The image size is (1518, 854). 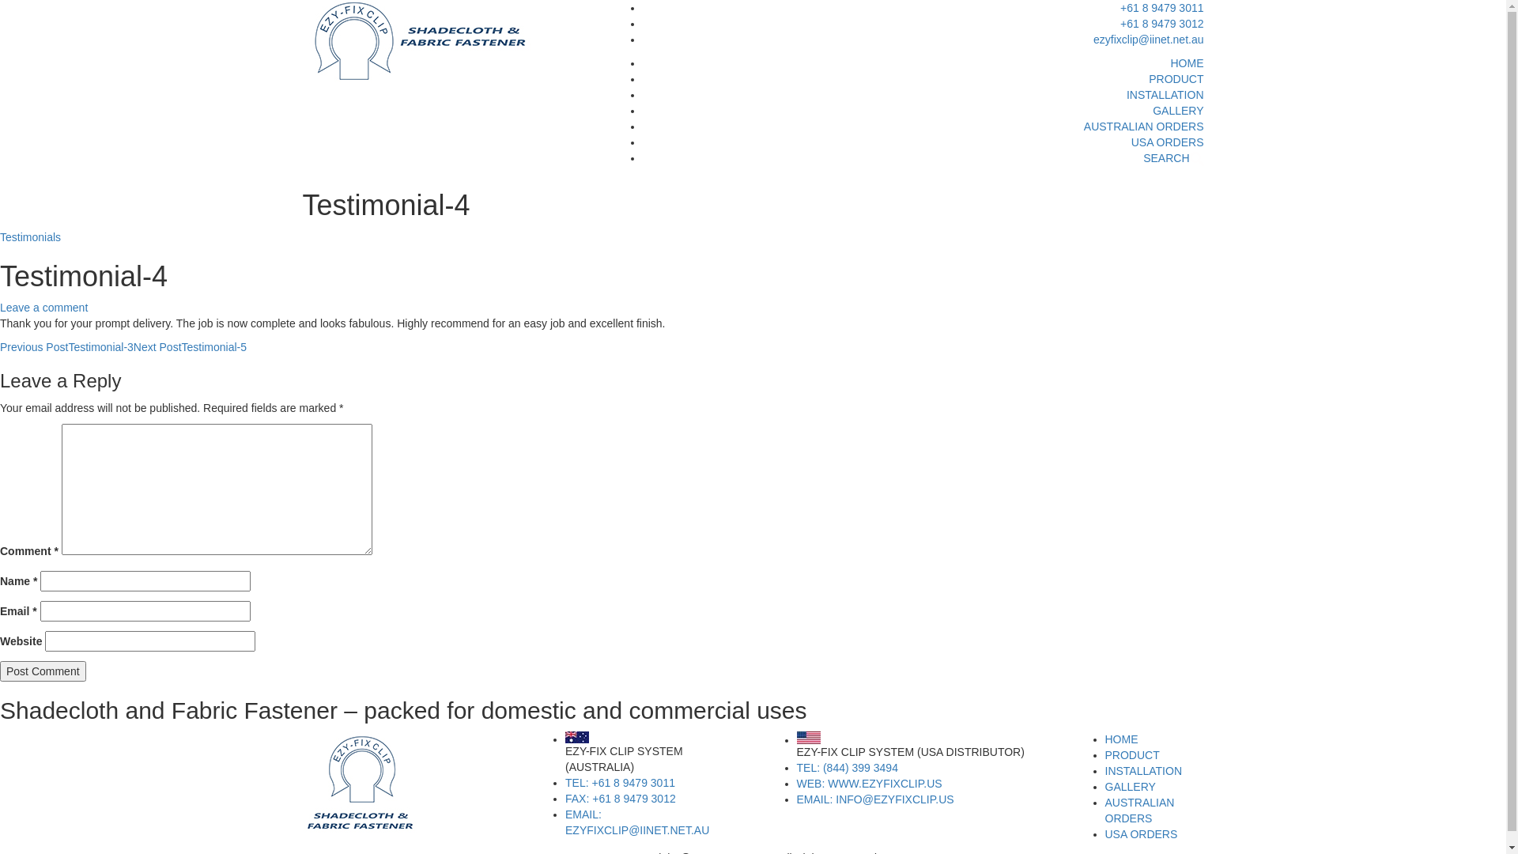 What do you see at coordinates (43, 671) in the screenshot?
I see `'Post Comment'` at bounding box center [43, 671].